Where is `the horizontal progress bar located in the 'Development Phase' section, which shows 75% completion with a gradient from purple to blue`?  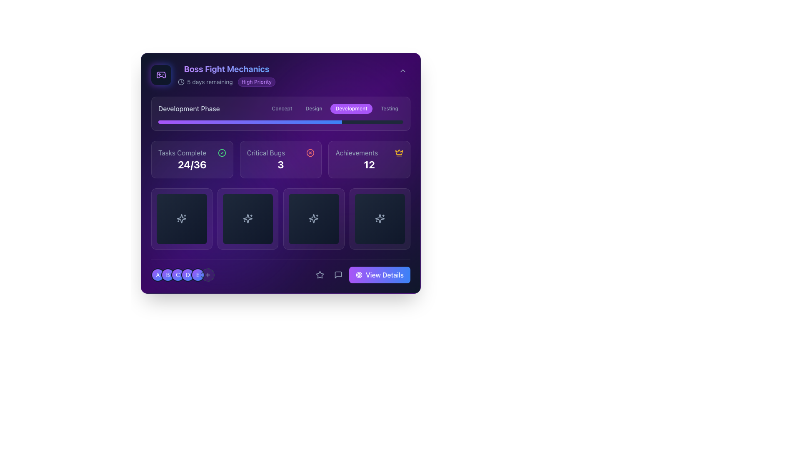
the horizontal progress bar located in the 'Development Phase' section, which shows 75% completion with a gradient from purple to blue is located at coordinates (280, 122).